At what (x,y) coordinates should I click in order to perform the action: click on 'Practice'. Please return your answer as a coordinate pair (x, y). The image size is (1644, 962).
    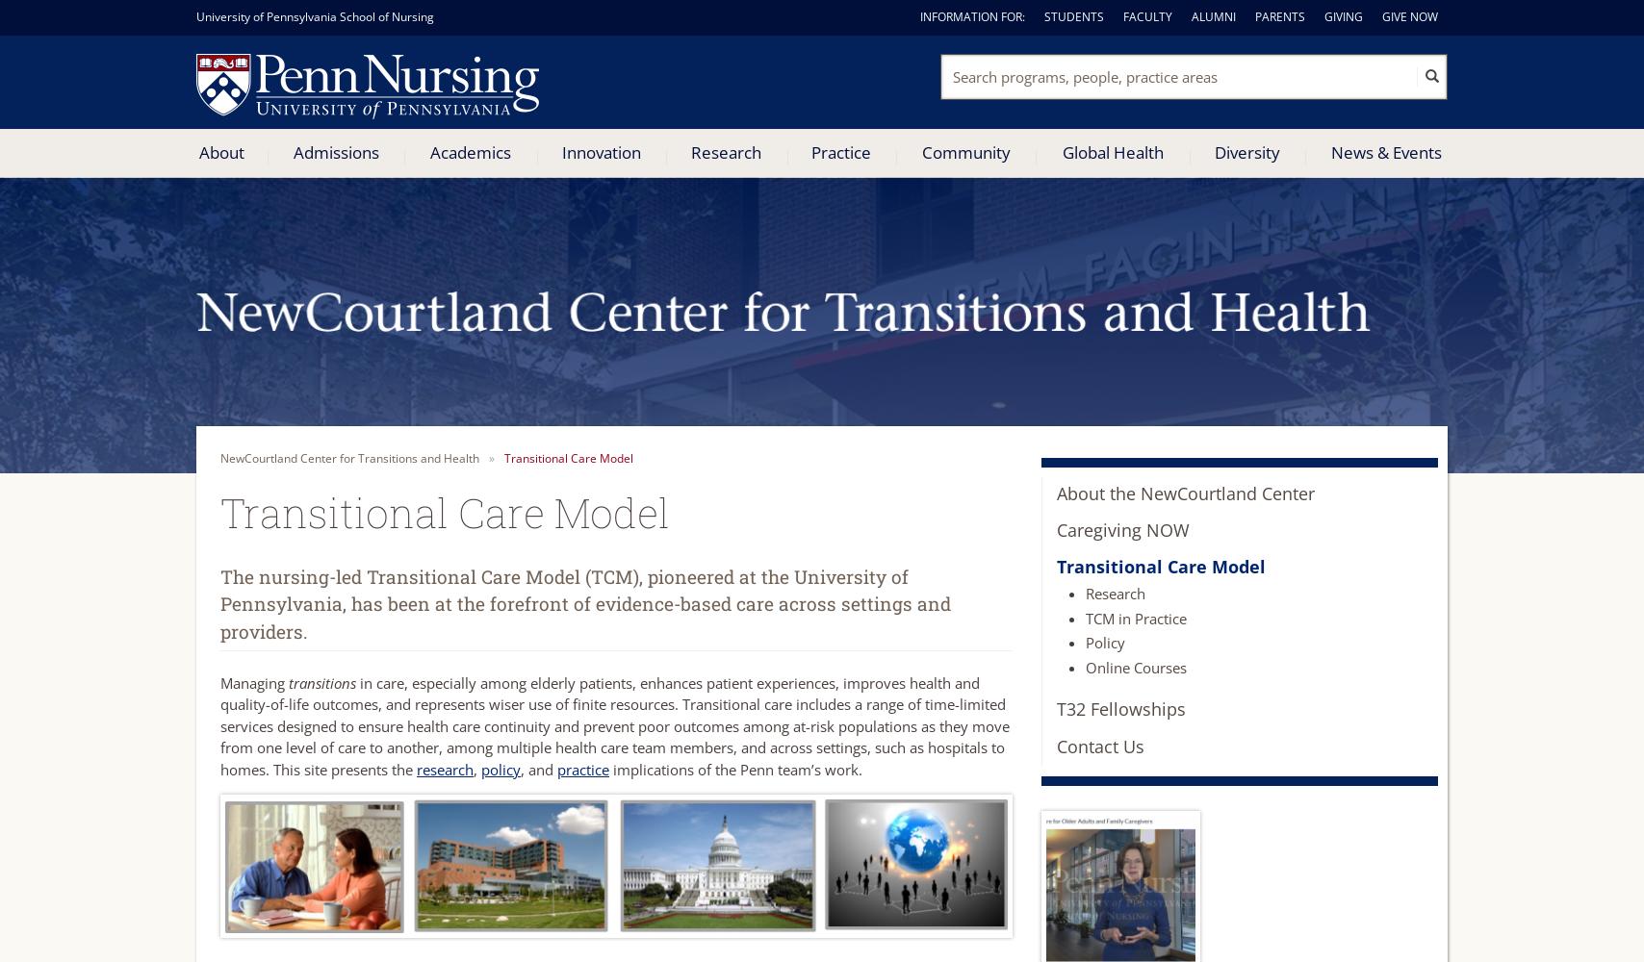
    Looking at the image, I should click on (839, 151).